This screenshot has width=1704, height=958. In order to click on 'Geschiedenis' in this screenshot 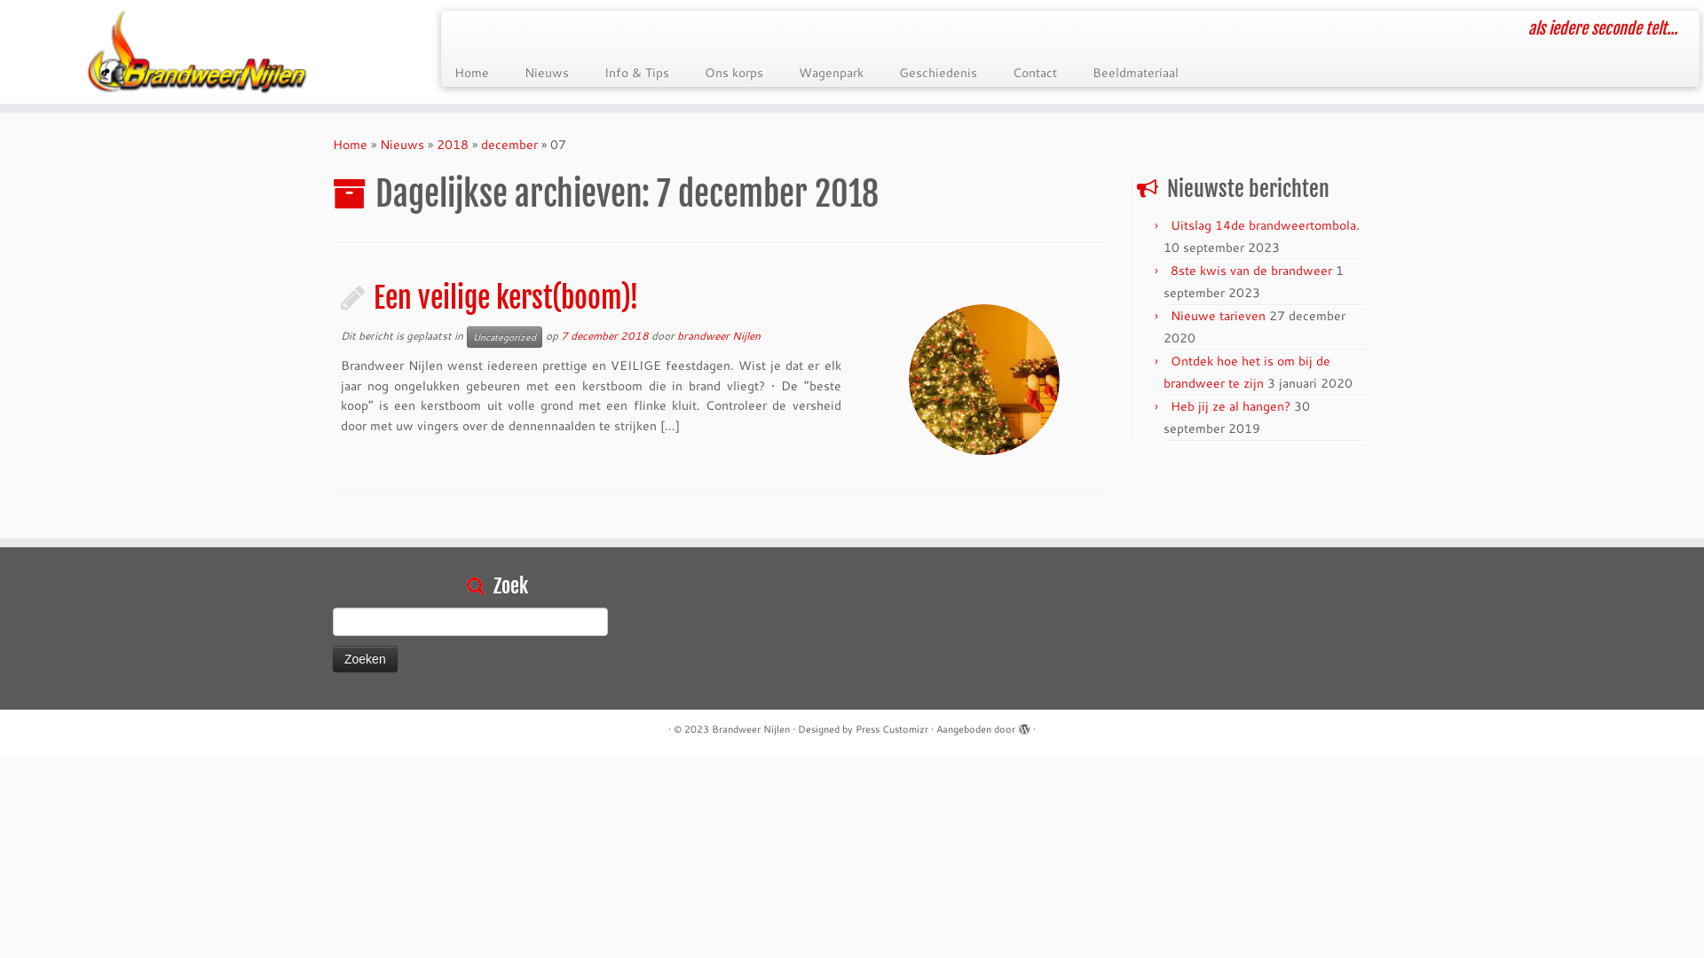, I will do `click(936, 71)`.